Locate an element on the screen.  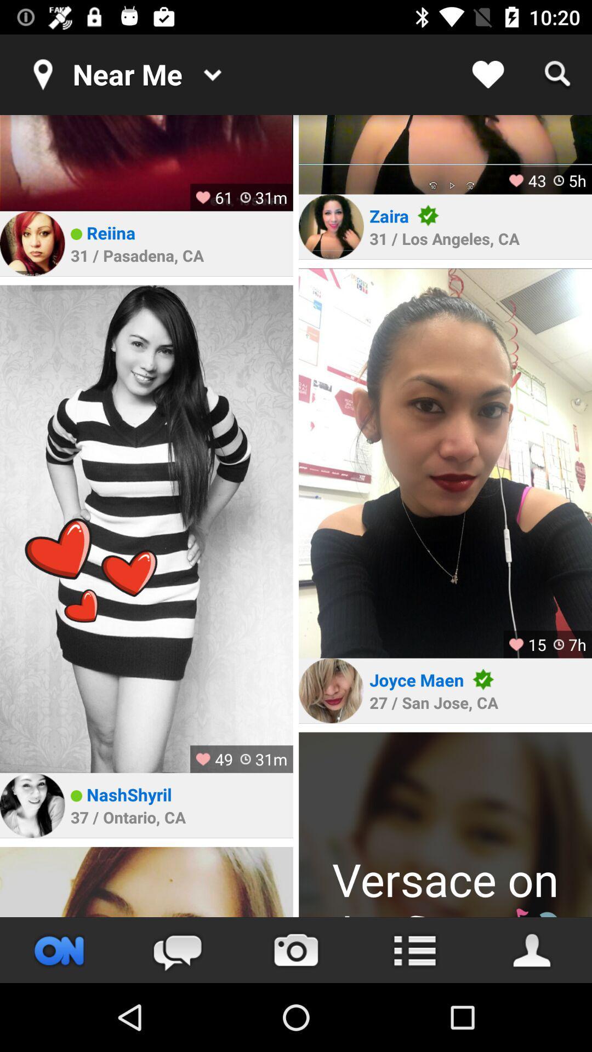
enlarges image is located at coordinates (445, 463).